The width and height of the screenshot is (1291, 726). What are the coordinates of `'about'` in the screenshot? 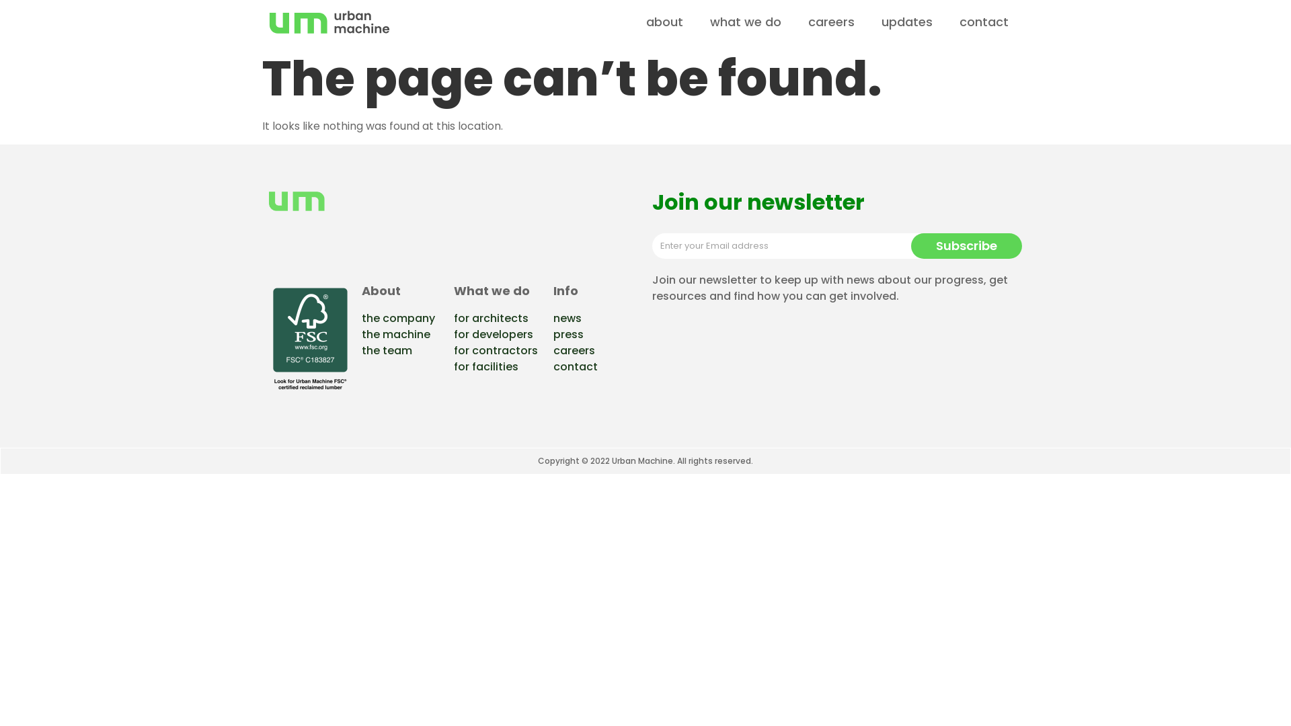 It's located at (664, 22).